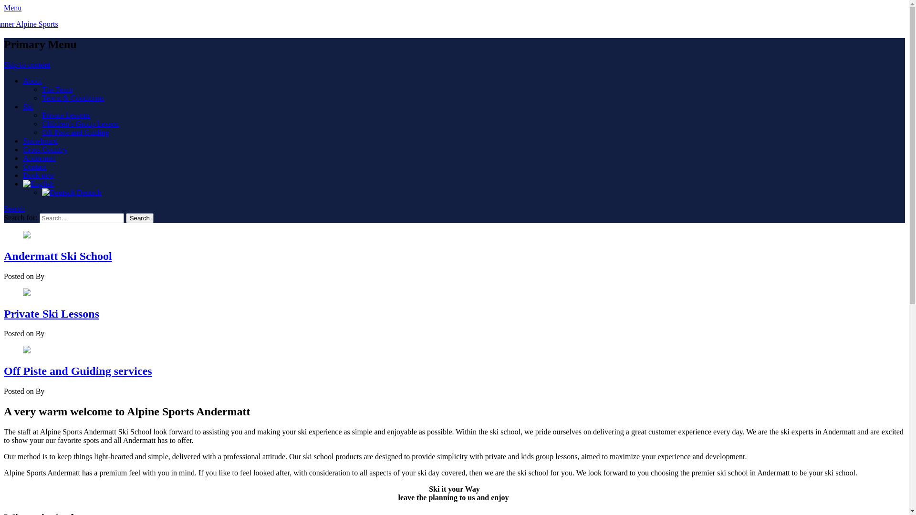 The image size is (916, 515). What do you see at coordinates (41, 192) in the screenshot?
I see `' Deutsch'` at bounding box center [41, 192].